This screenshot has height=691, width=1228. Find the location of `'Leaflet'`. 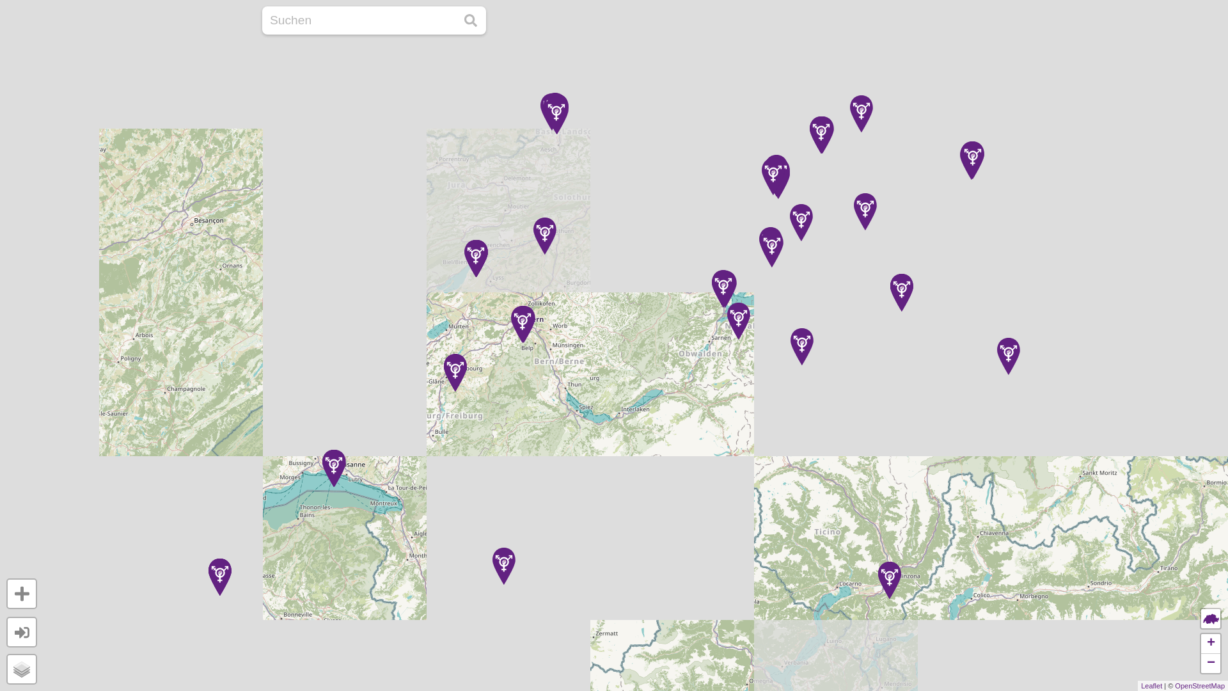

'Leaflet' is located at coordinates (1151, 685).